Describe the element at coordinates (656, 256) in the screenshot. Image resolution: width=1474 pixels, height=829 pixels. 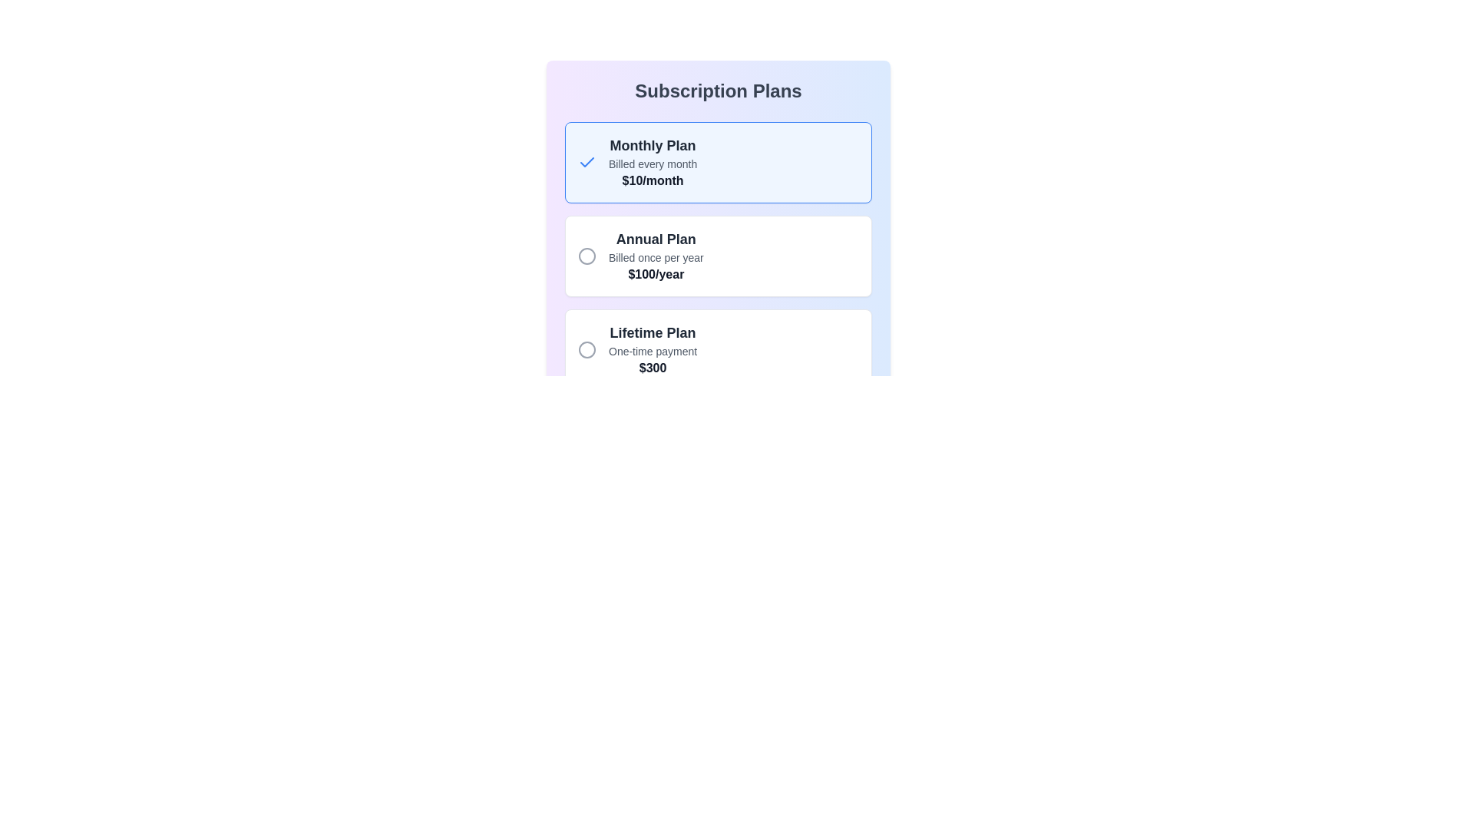
I see `text block that presents the details of the 'Annual Plan' subscription option, which is the second option in the list of subscription plans` at that location.